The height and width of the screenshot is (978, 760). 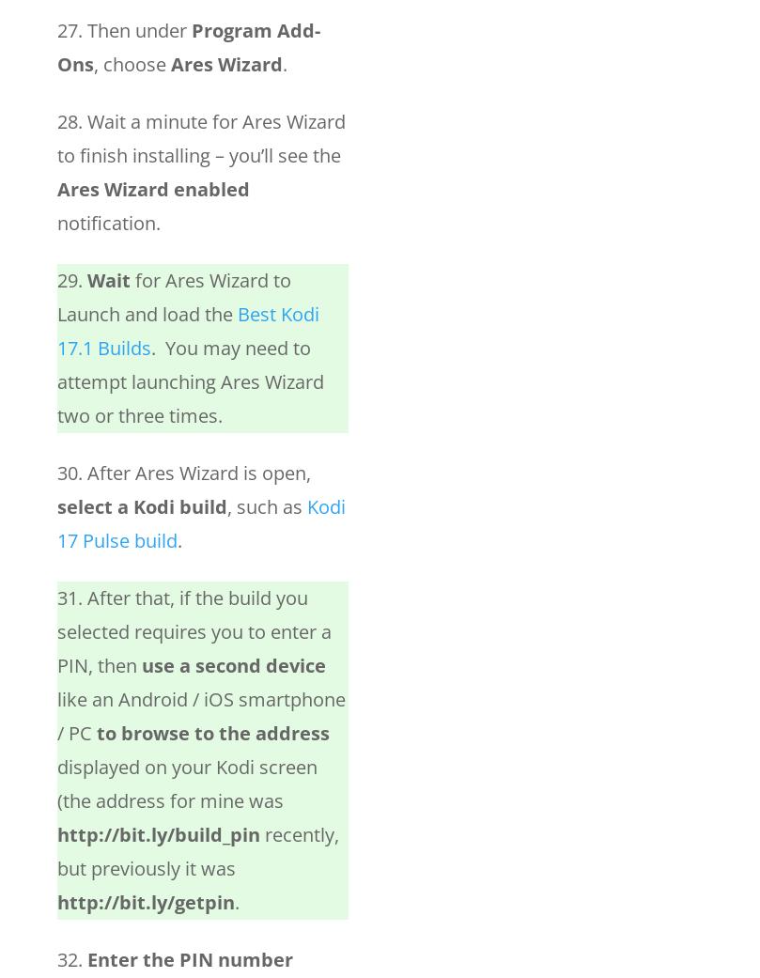 What do you see at coordinates (212, 733) in the screenshot?
I see `'to browse to the address'` at bounding box center [212, 733].